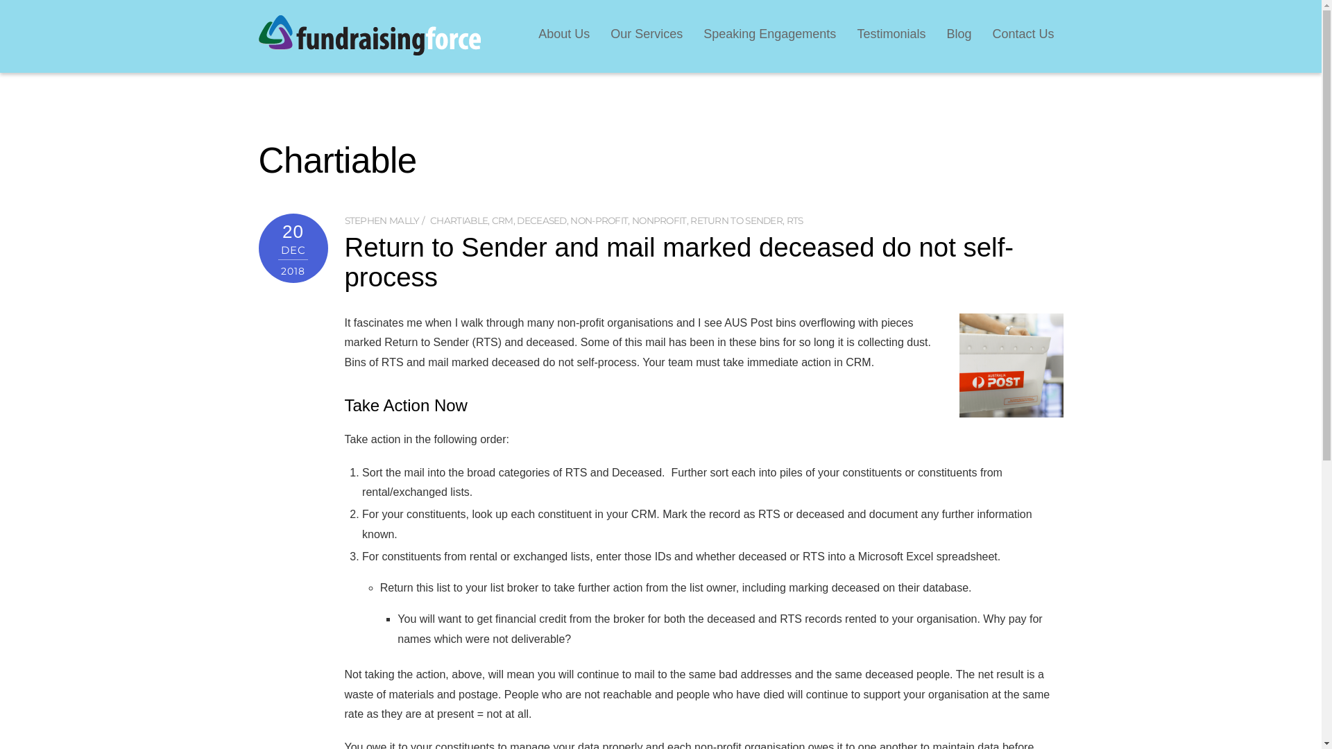  What do you see at coordinates (459, 219) in the screenshot?
I see `'CHARTIABLE'` at bounding box center [459, 219].